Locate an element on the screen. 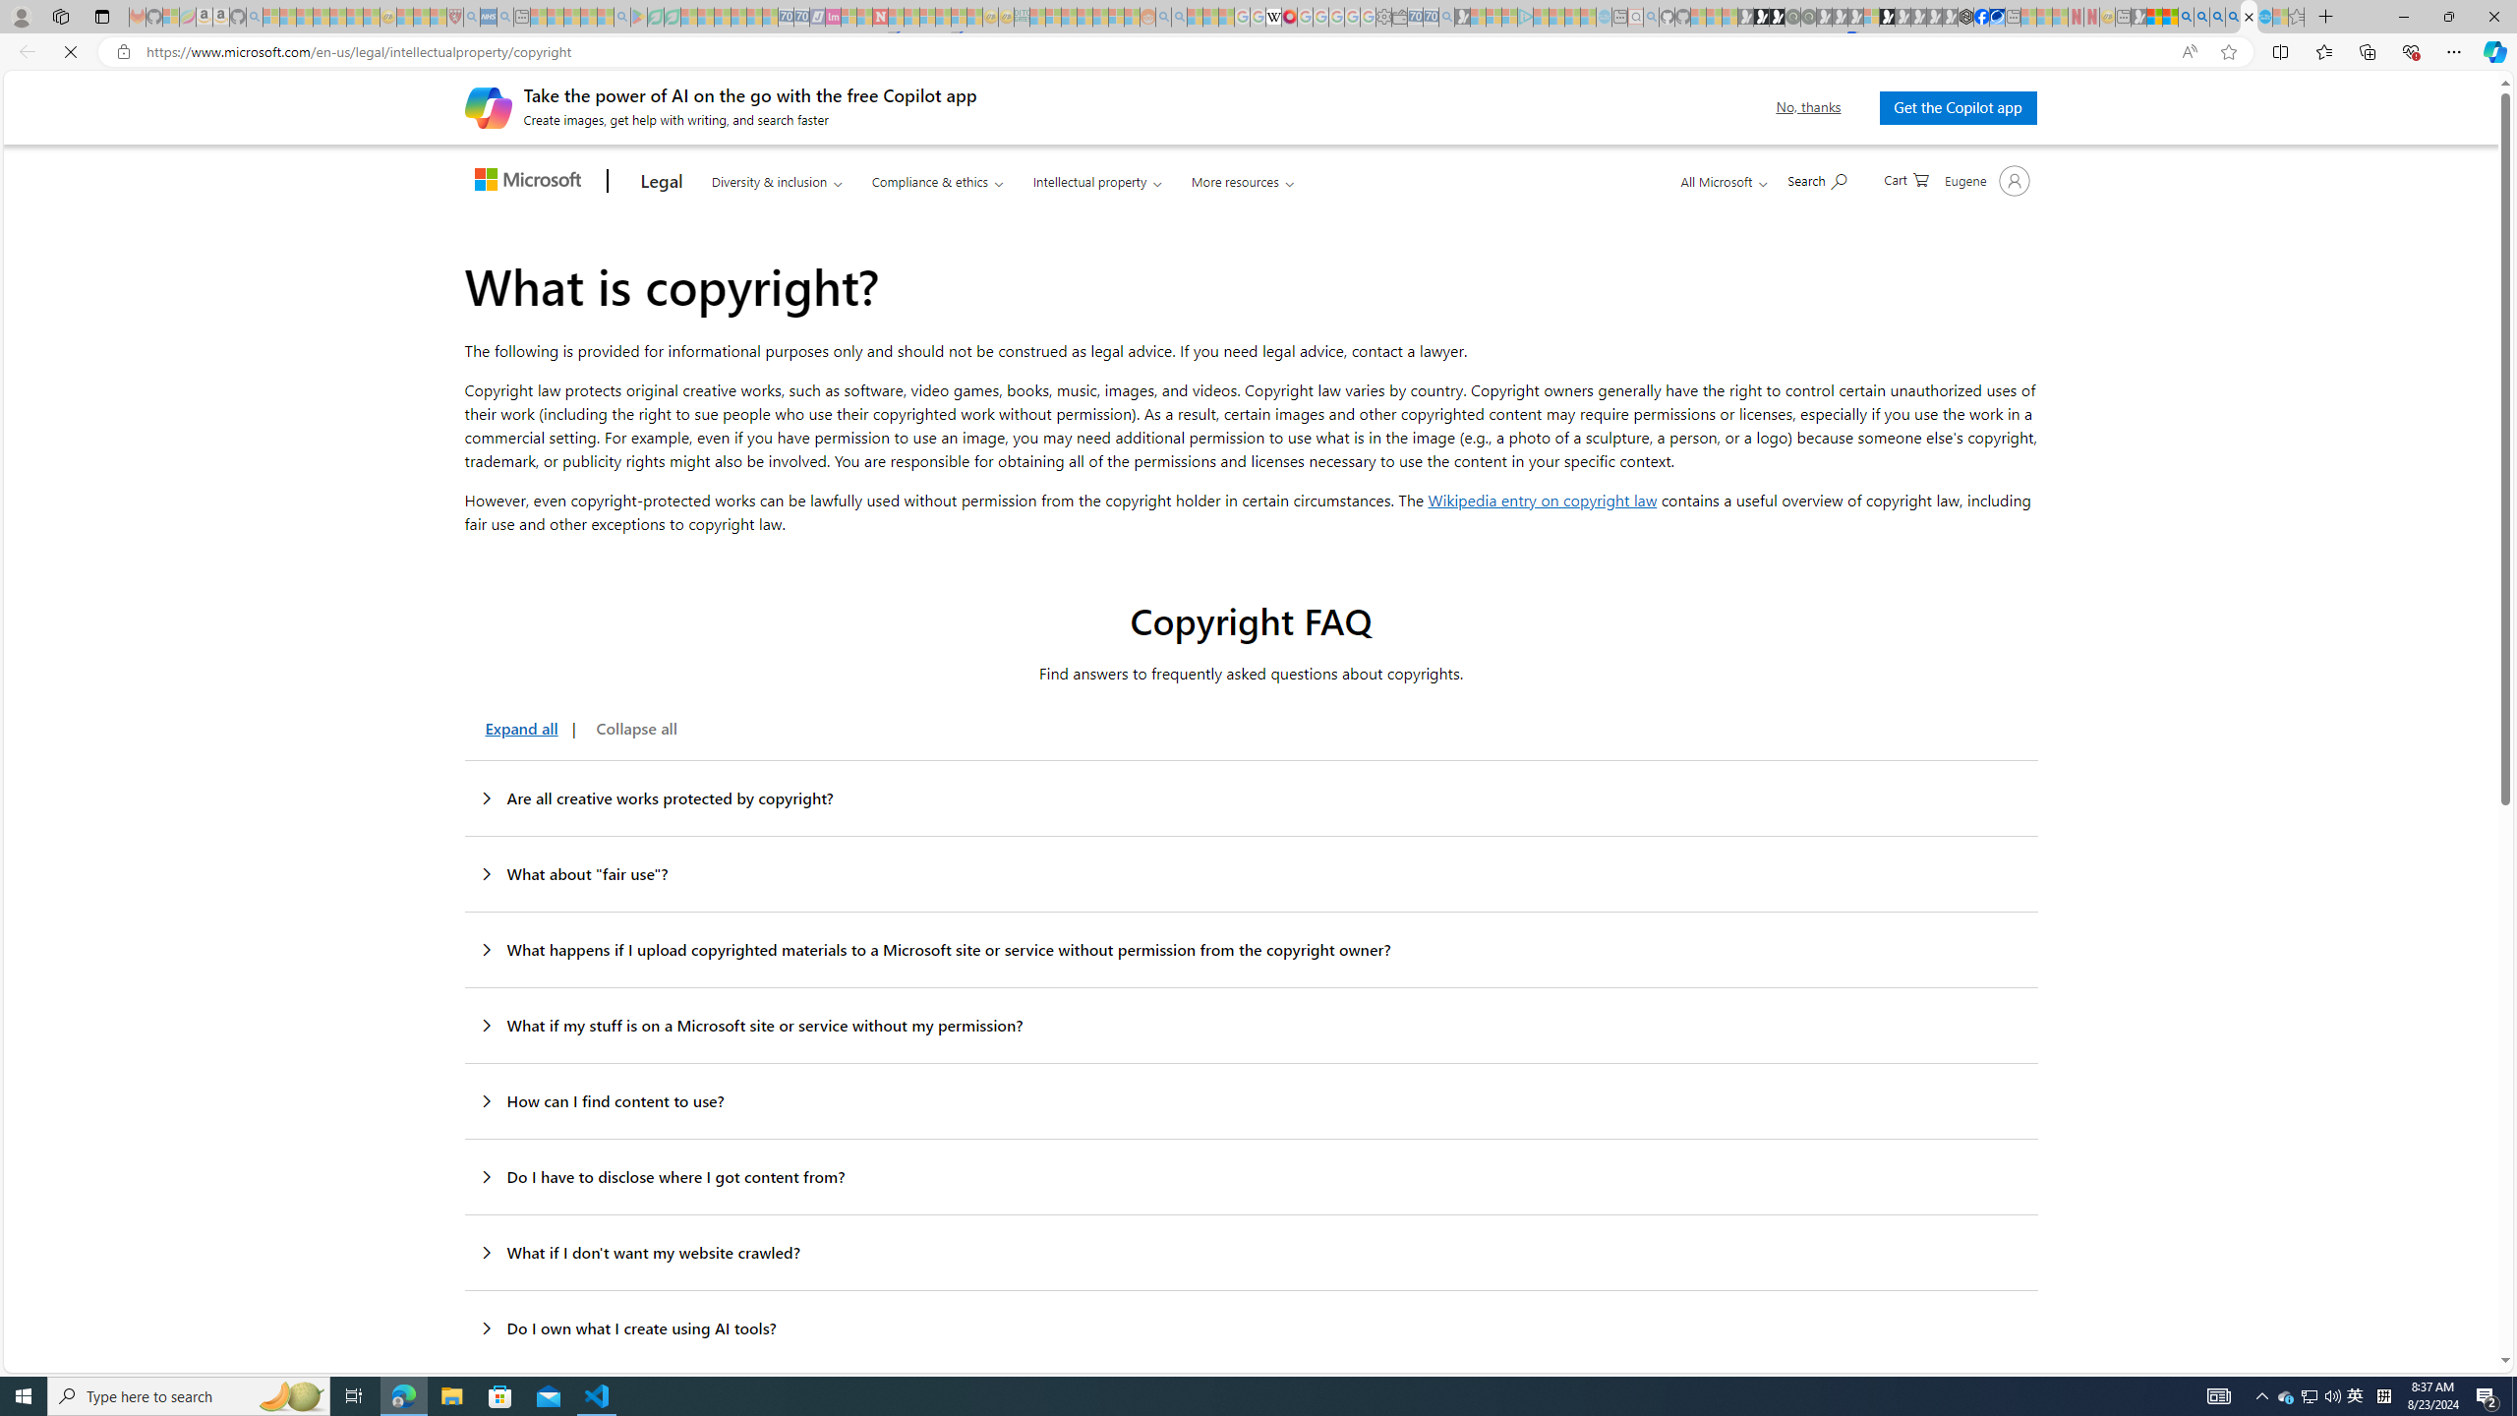  'Target page - Wikipedia' is located at coordinates (1273, 16).